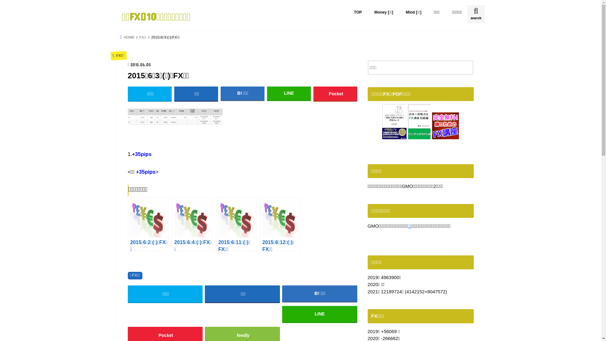  I want to click on 'HOME', so click(127, 37).